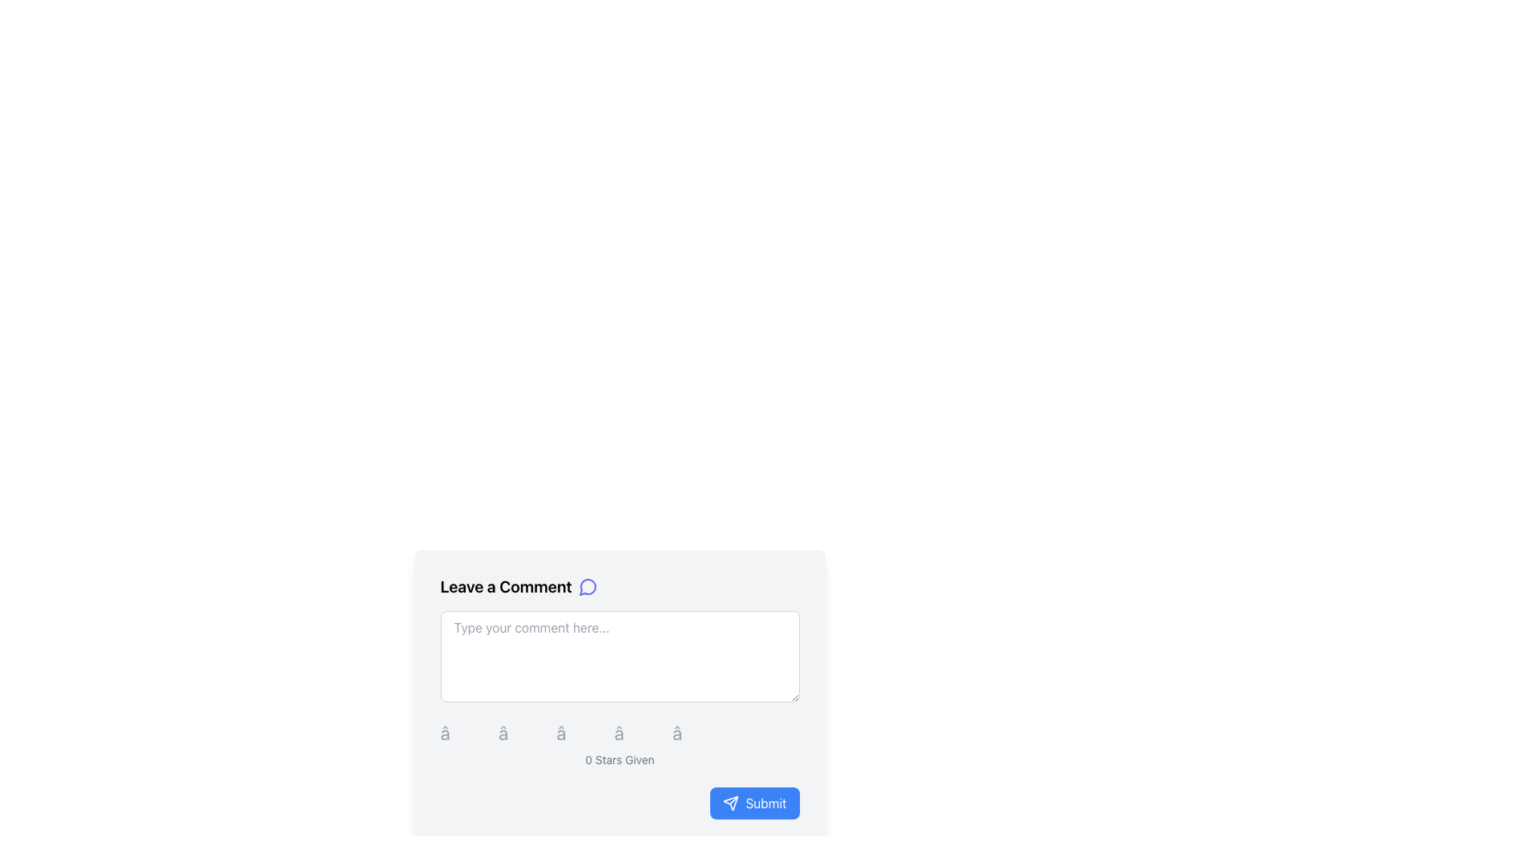  Describe the element at coordinates (619, 733) in the screenshot. I see `the fourth star in the five-star rating system to set the rating to four stars` at that location.